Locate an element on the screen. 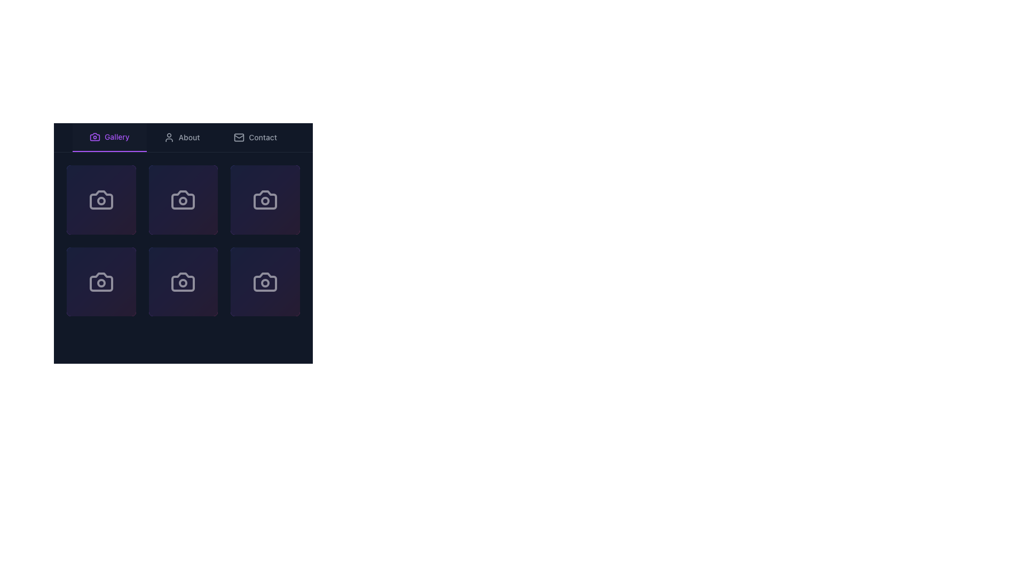 The height and width of the screenshot is (576, 1025). the camera icon silhouette, which is the outer shape of a camera in the second row and second column of a 2x3 grid of icons is located at coordinates (183, 281).